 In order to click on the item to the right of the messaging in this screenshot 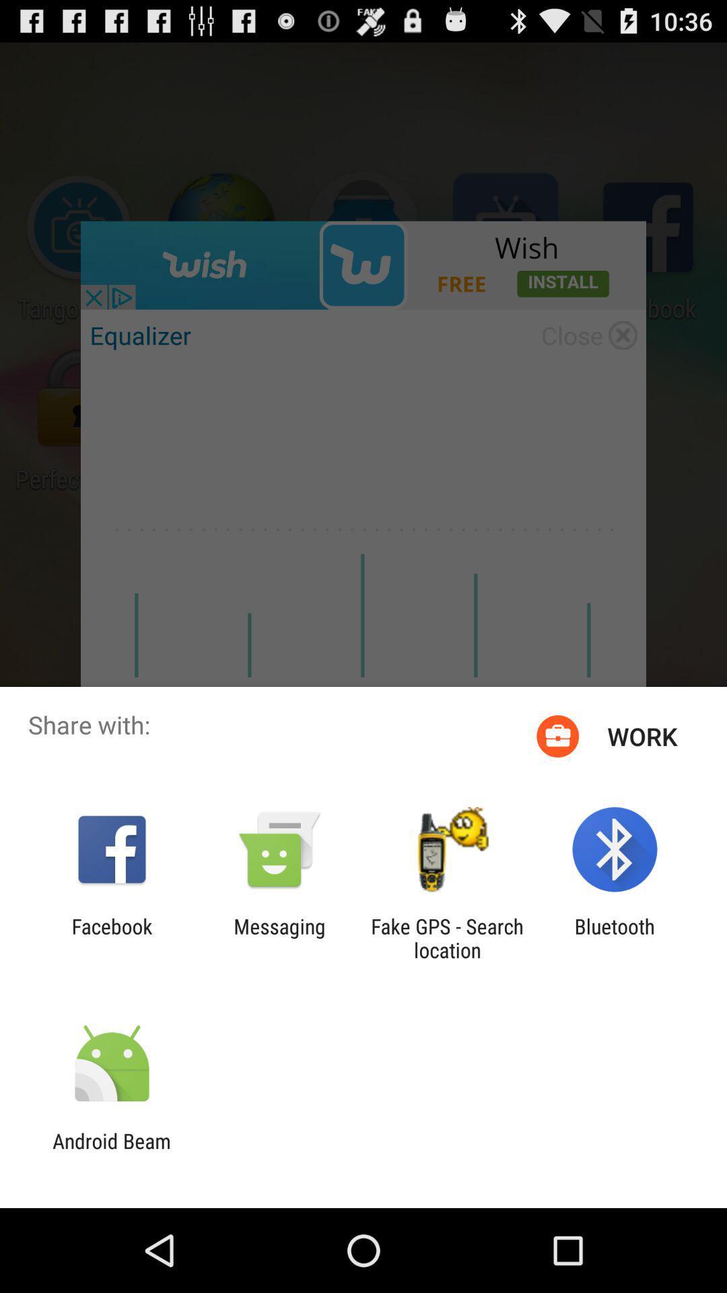, I will do `click(447, 937)`.